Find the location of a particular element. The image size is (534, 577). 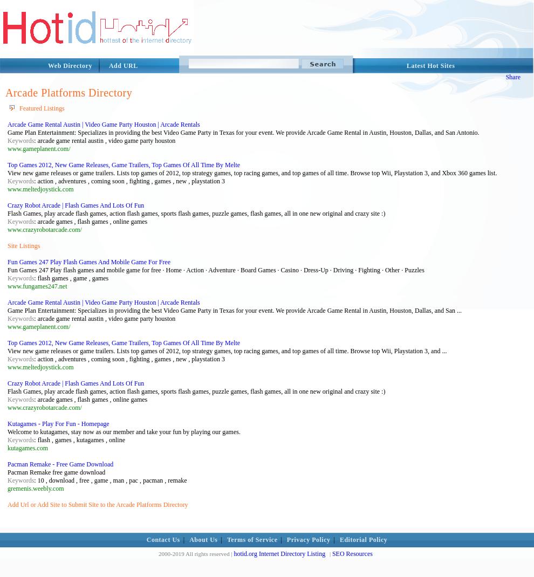

'Pacman Remake  - Free Game Download' is located at coordinates (6, 464).